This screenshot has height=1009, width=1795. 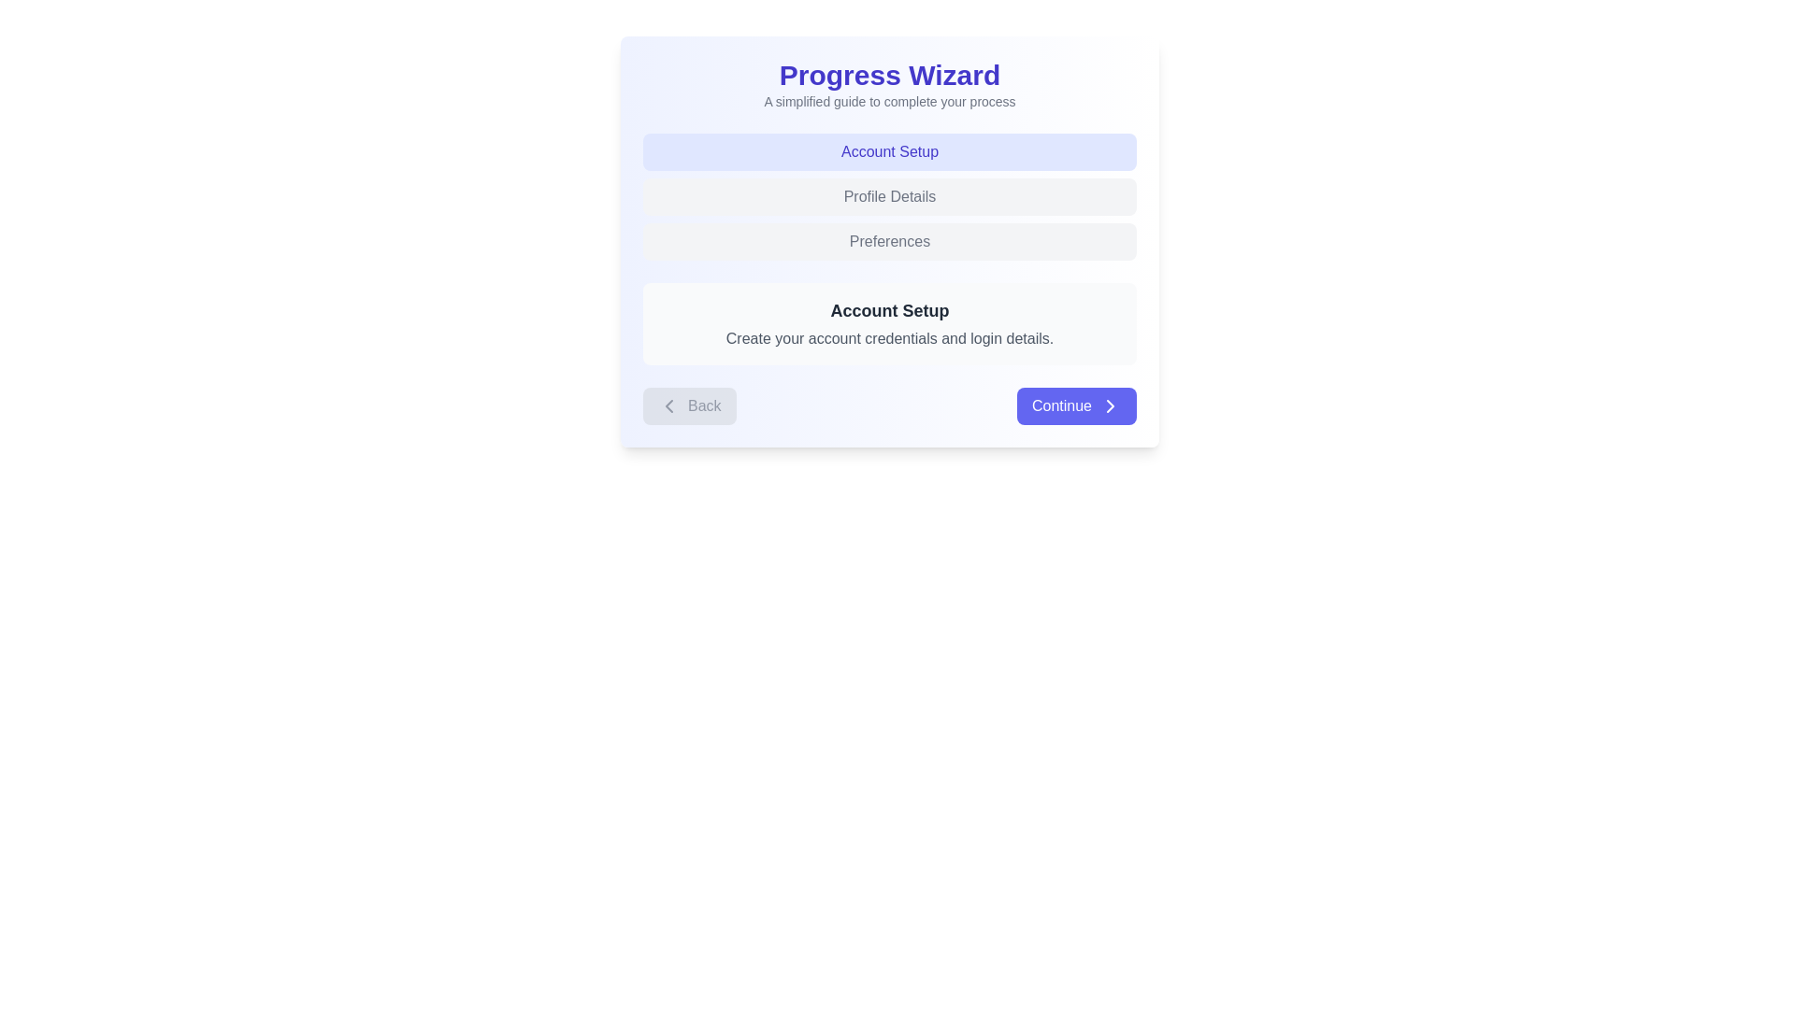 I want to click on the bold, black text label stating 'Account Setup' which is styled as a heading in the light blue-centered box, so click(x=888, y=309).